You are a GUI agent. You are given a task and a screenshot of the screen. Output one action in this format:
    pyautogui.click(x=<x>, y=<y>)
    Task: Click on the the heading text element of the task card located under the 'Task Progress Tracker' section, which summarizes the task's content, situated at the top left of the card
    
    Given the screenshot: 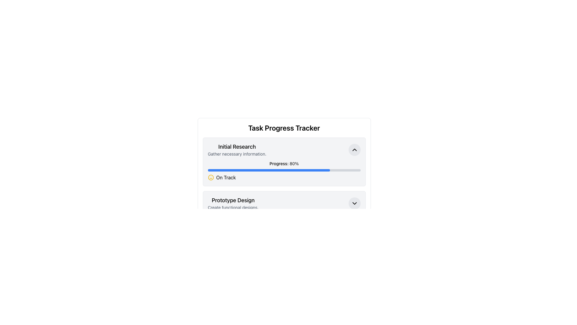 What is the action you would take?
    pyautogui.click(x=237, y=147)
    